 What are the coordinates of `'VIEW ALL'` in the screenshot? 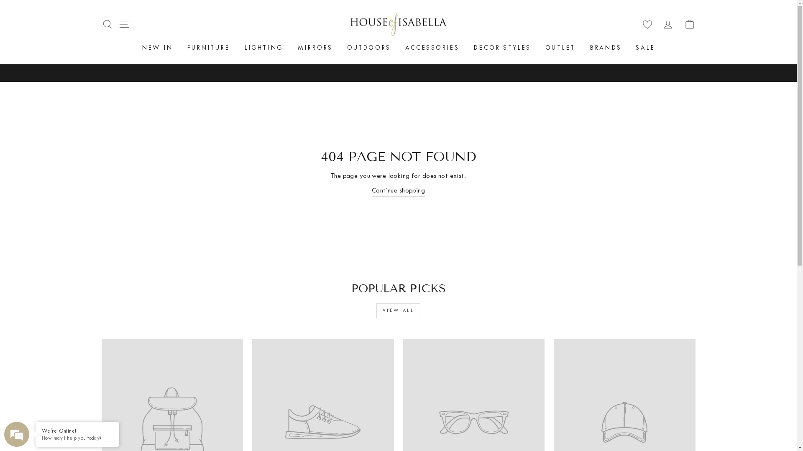 It's located at (398, 310).